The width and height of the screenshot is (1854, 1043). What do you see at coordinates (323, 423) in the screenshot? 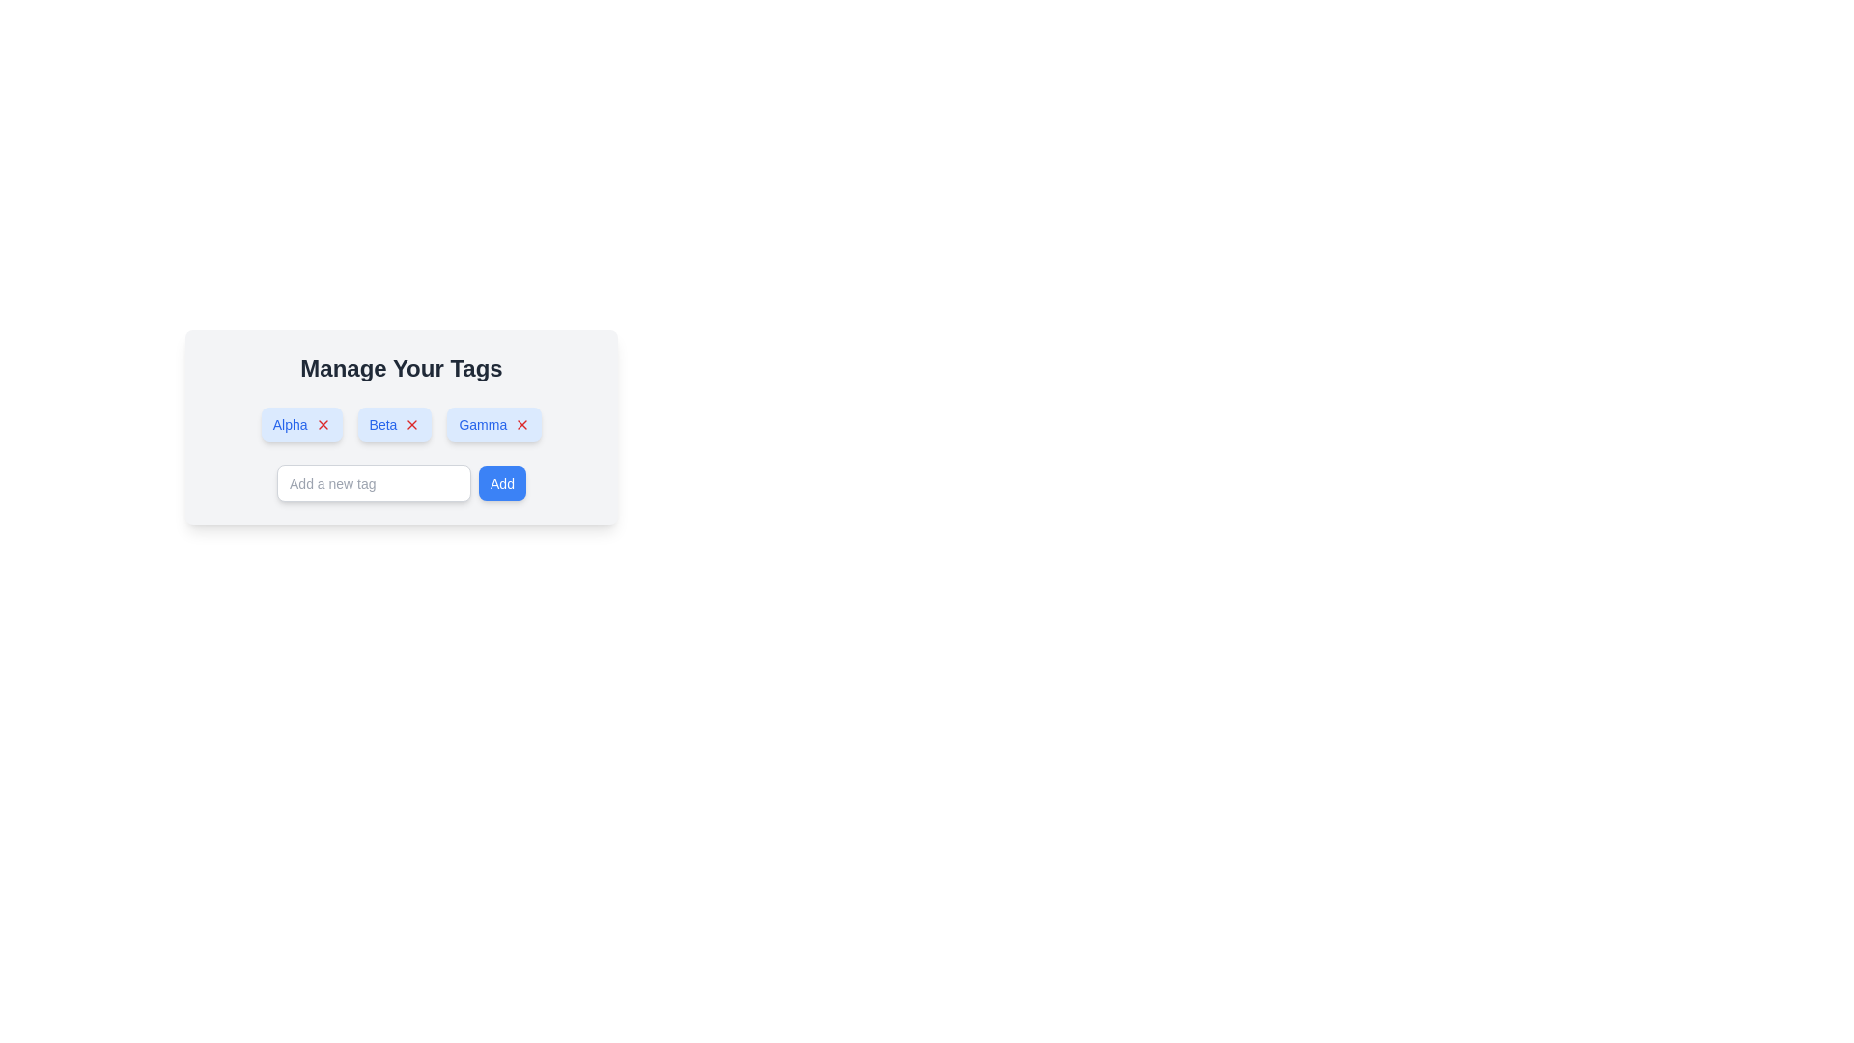
I see `the red 'X' icon located to the right of the 'Alpha' button` at bounding box center [323, 423].